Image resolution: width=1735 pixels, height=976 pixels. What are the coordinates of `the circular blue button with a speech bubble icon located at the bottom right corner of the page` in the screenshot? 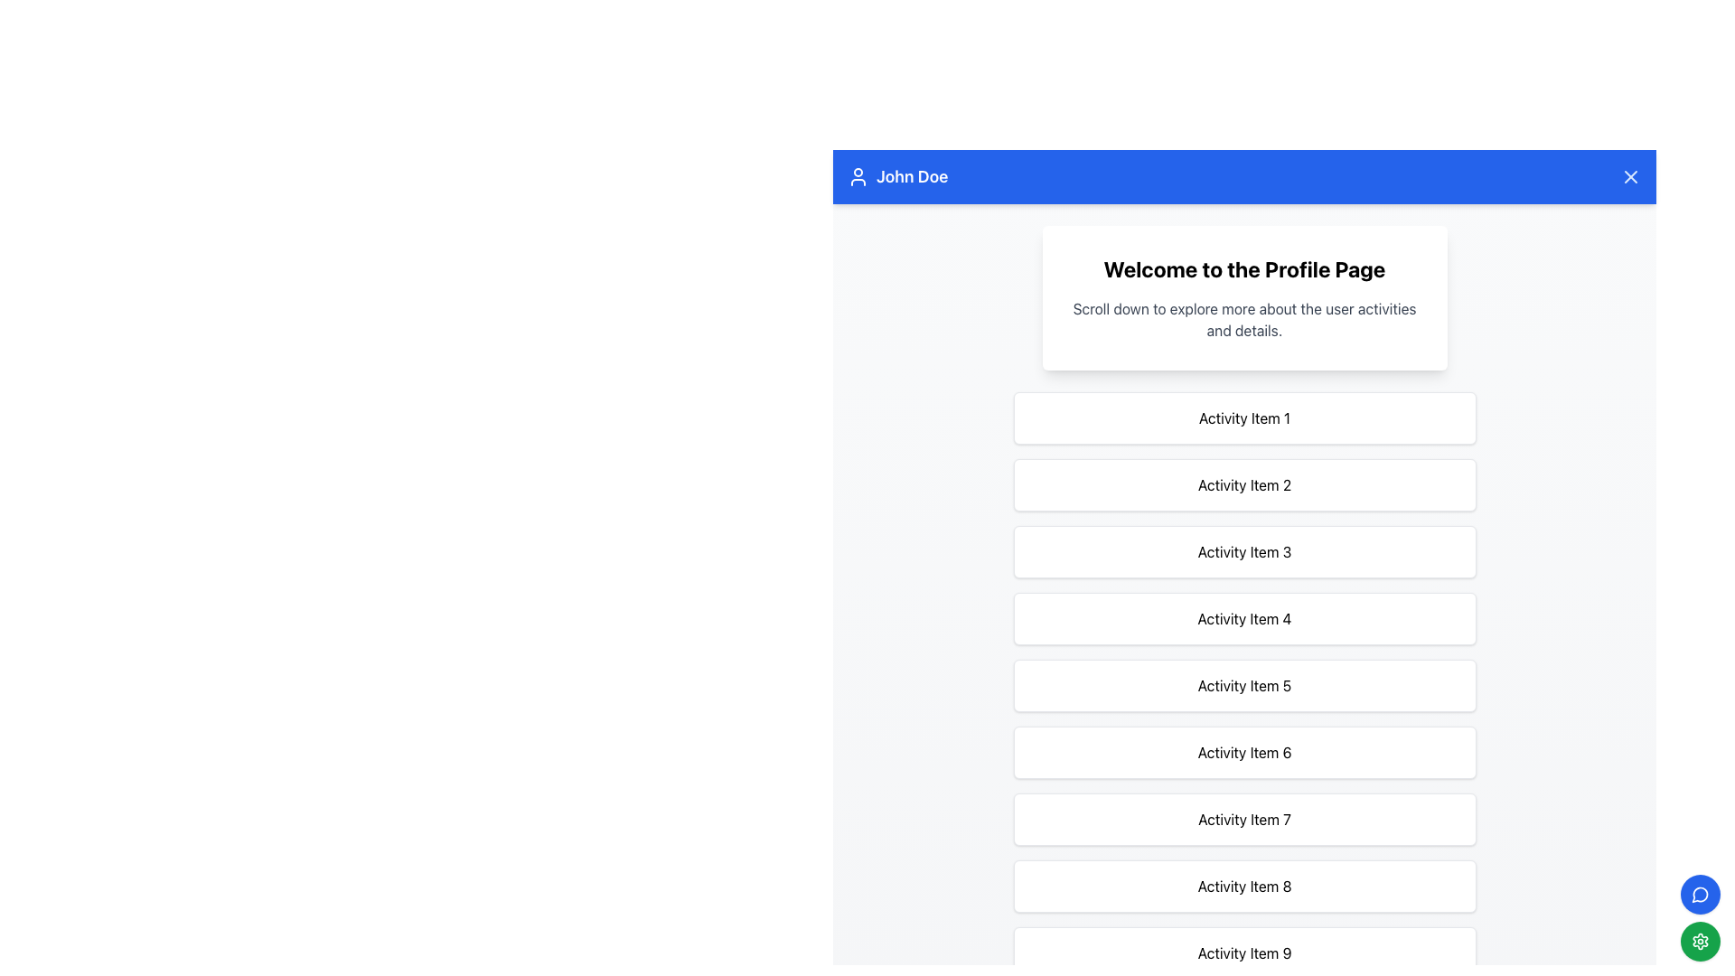 It's located at (1699, 895).